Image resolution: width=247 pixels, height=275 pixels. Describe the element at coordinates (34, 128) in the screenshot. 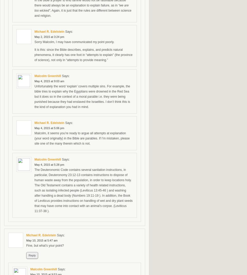

I see `'May 4, 2015 at 5:06 pm'` at that location.